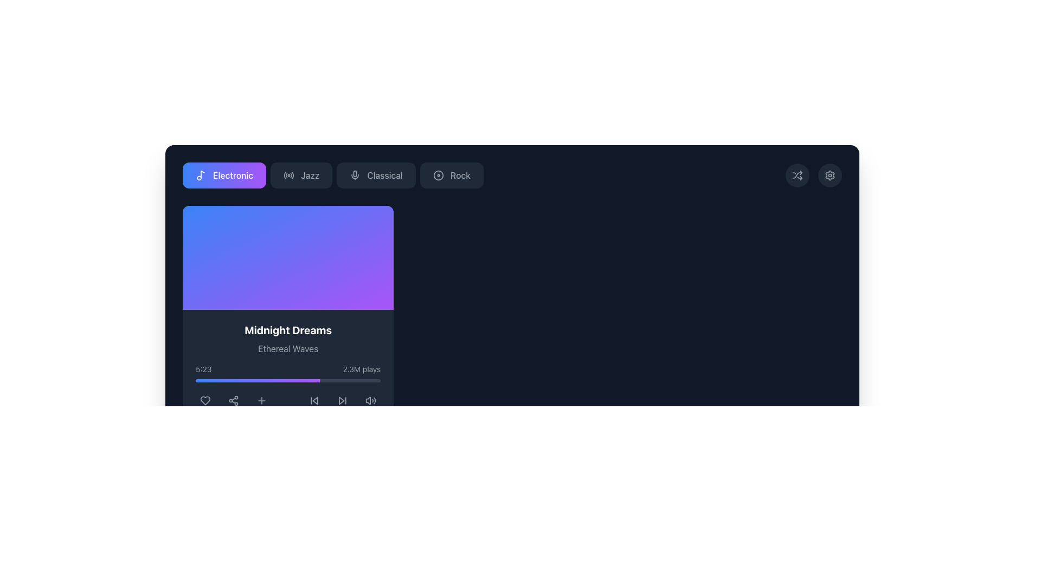  Describe the element at coordinates (830, 175) in the screenshot. I see `the 'Settings' button located at the top-right corner of the interface, next to the shuffle icon` at that location.